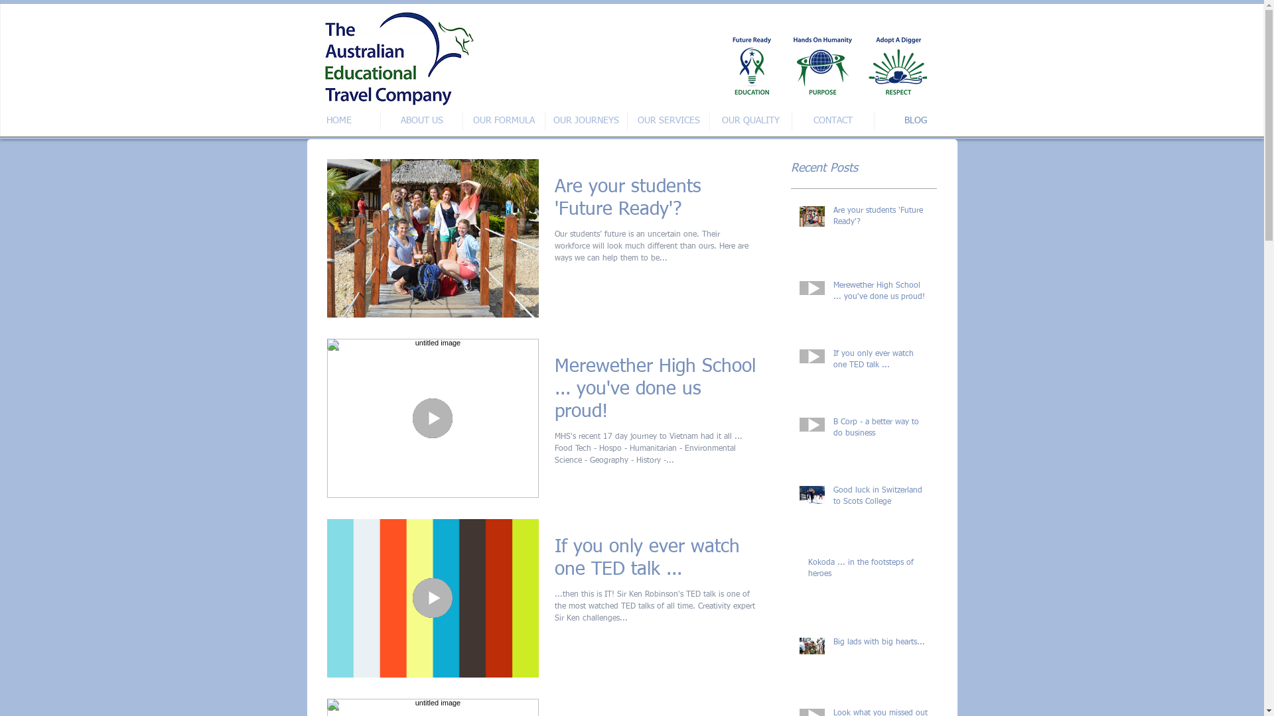 This screenshot has height=716, width=1274. I want to click on 'OUR SERVICES', so click(668, 121).